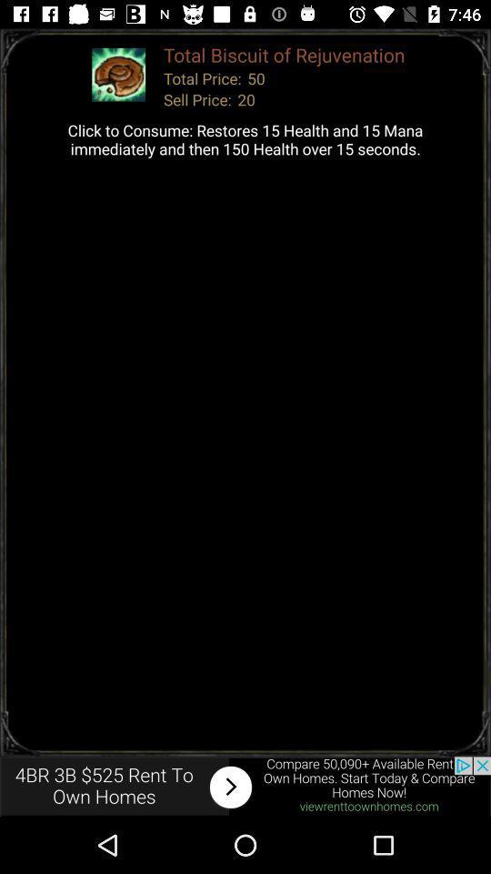 Image resolution: width=491 pixels, height=874 pixels. Describe the element at coordinates (245, 786) in the screenshot. I see `menu page` at that location.